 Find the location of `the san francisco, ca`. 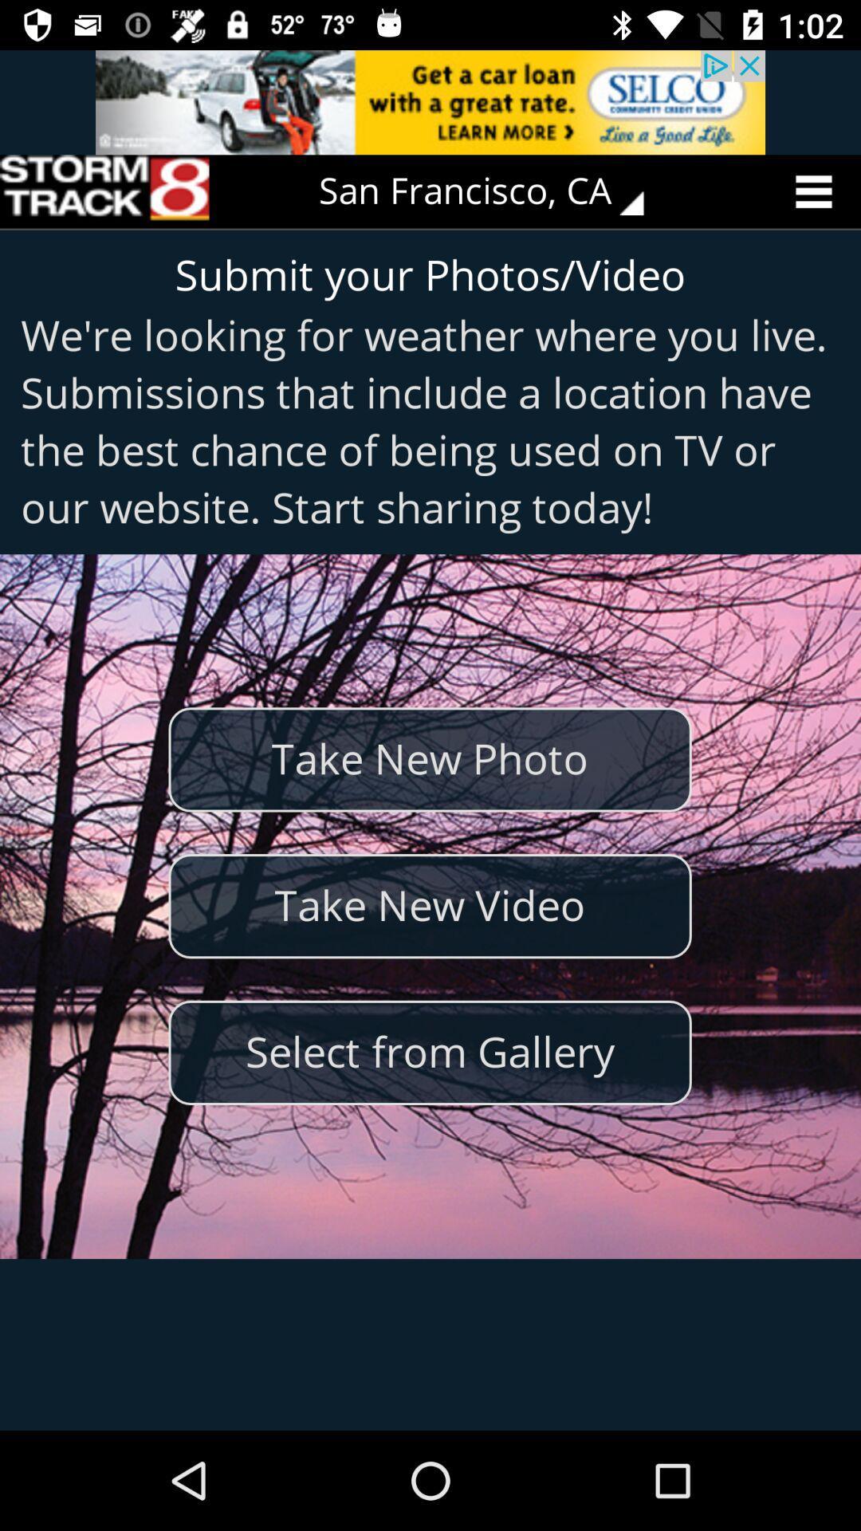

the san francisco, ca is located at coordinates (492, 191).